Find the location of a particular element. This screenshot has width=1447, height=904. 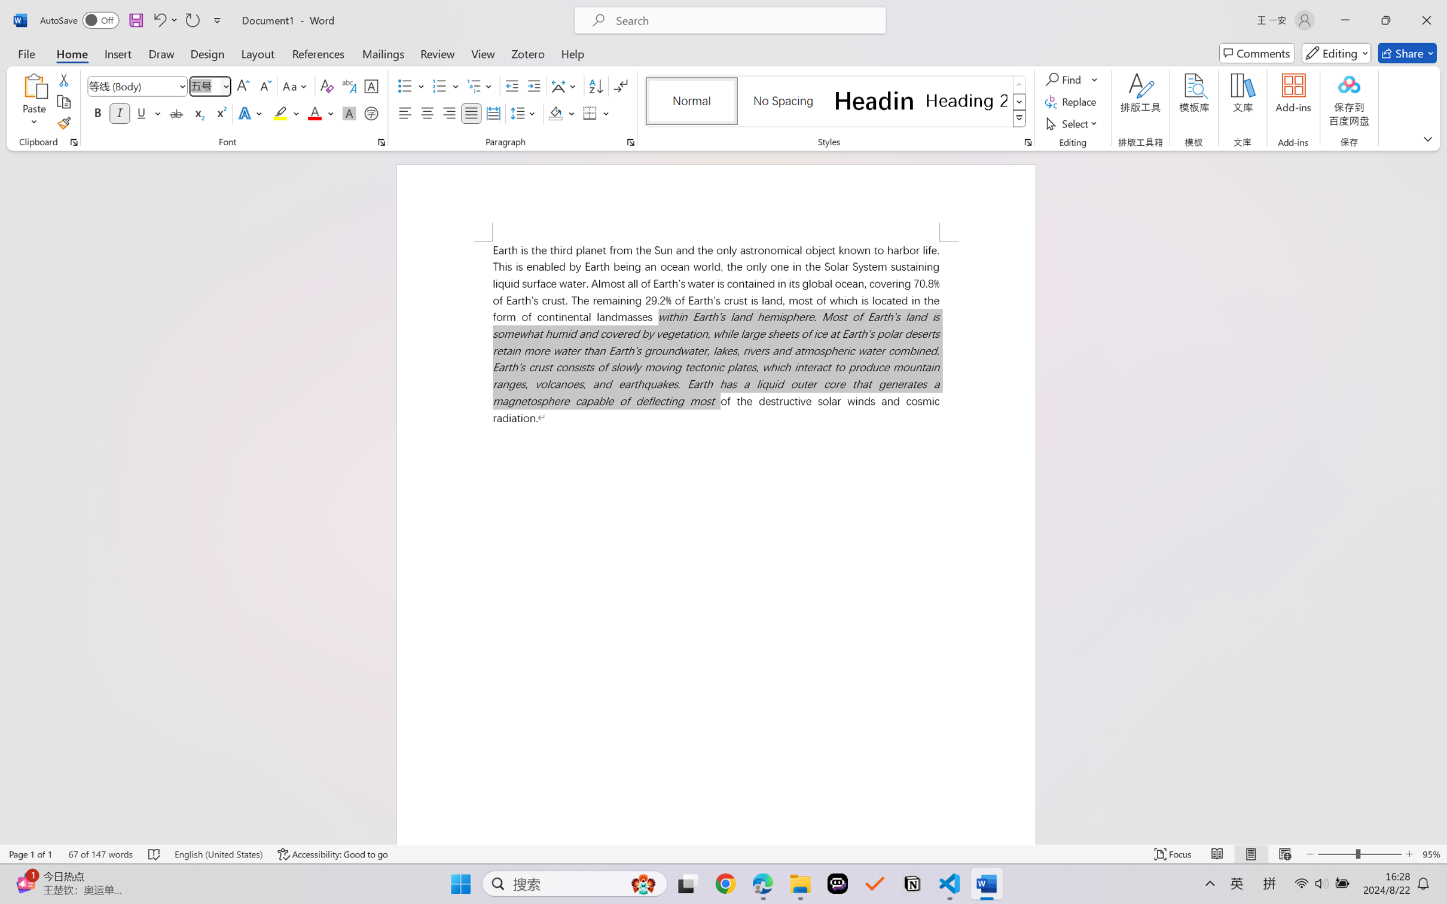

'Subscript' is located at coordinates (197, 112).